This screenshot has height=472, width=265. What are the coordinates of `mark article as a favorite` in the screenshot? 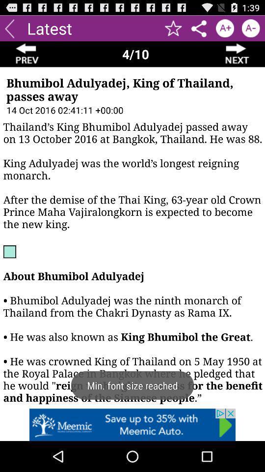 It's located at (173, 28).